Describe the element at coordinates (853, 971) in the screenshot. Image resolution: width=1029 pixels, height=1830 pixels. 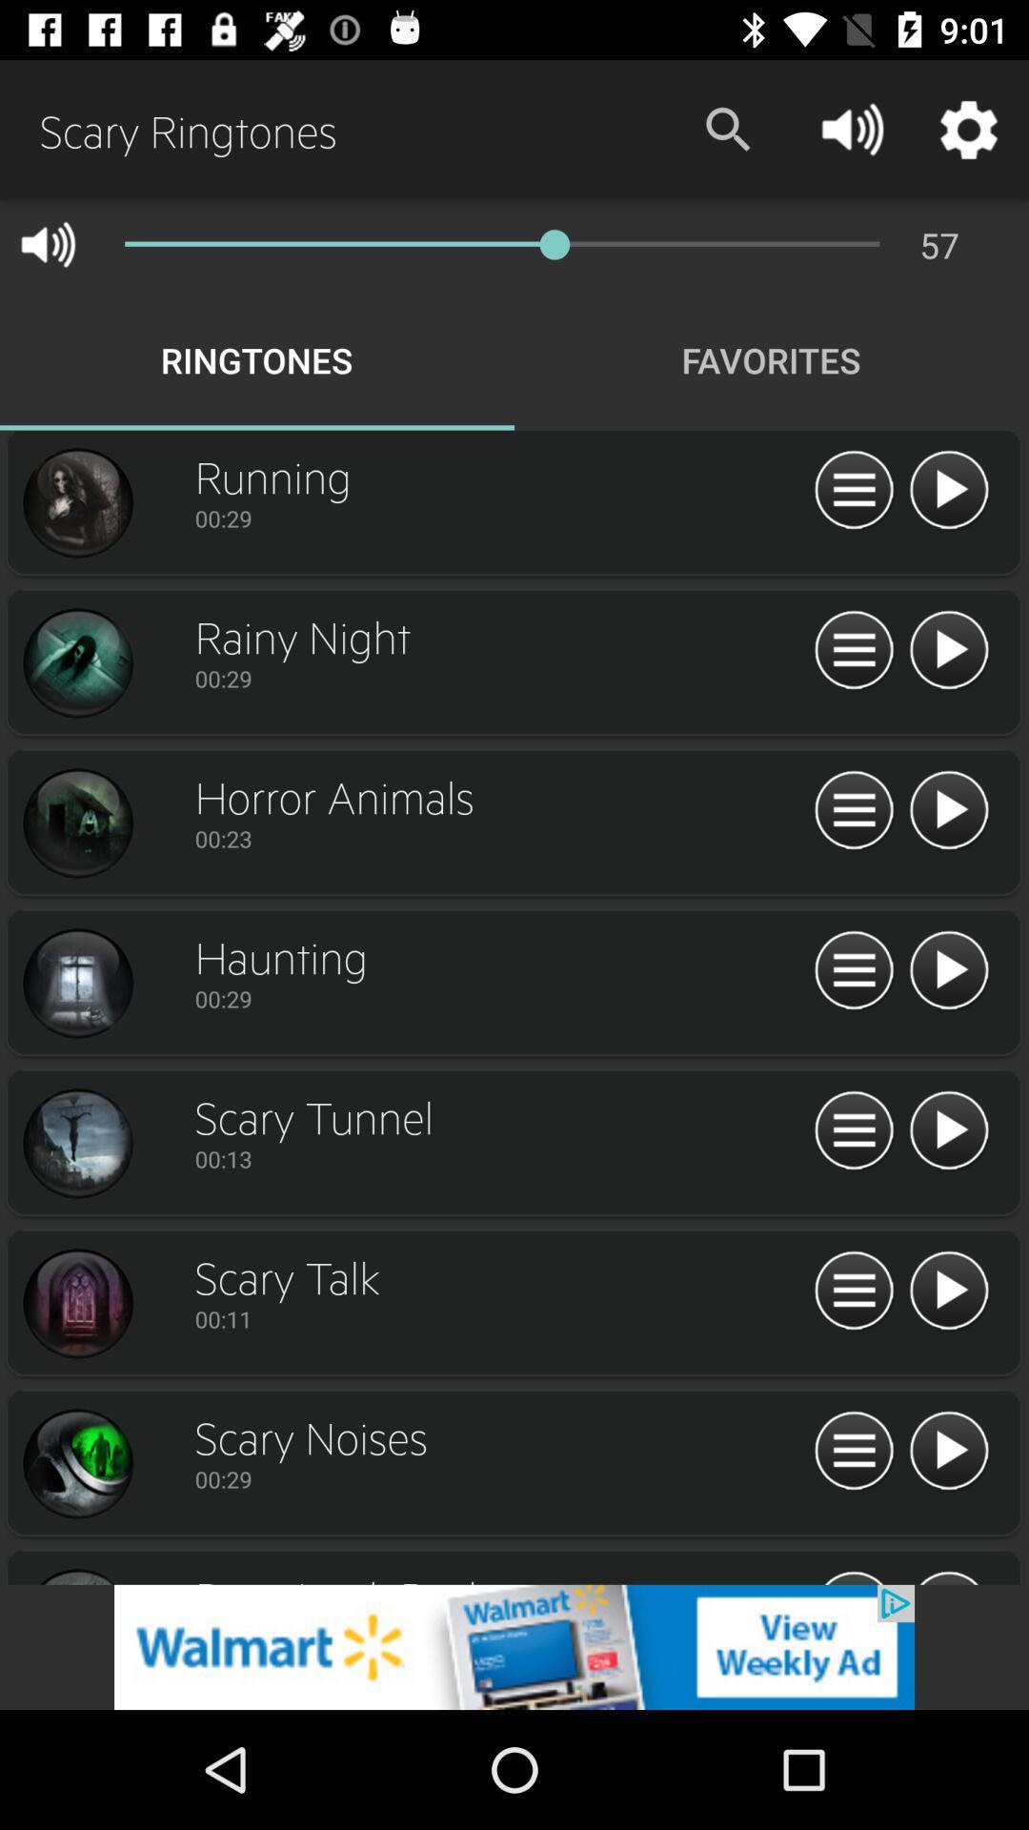
I see `click pause button` at that location.